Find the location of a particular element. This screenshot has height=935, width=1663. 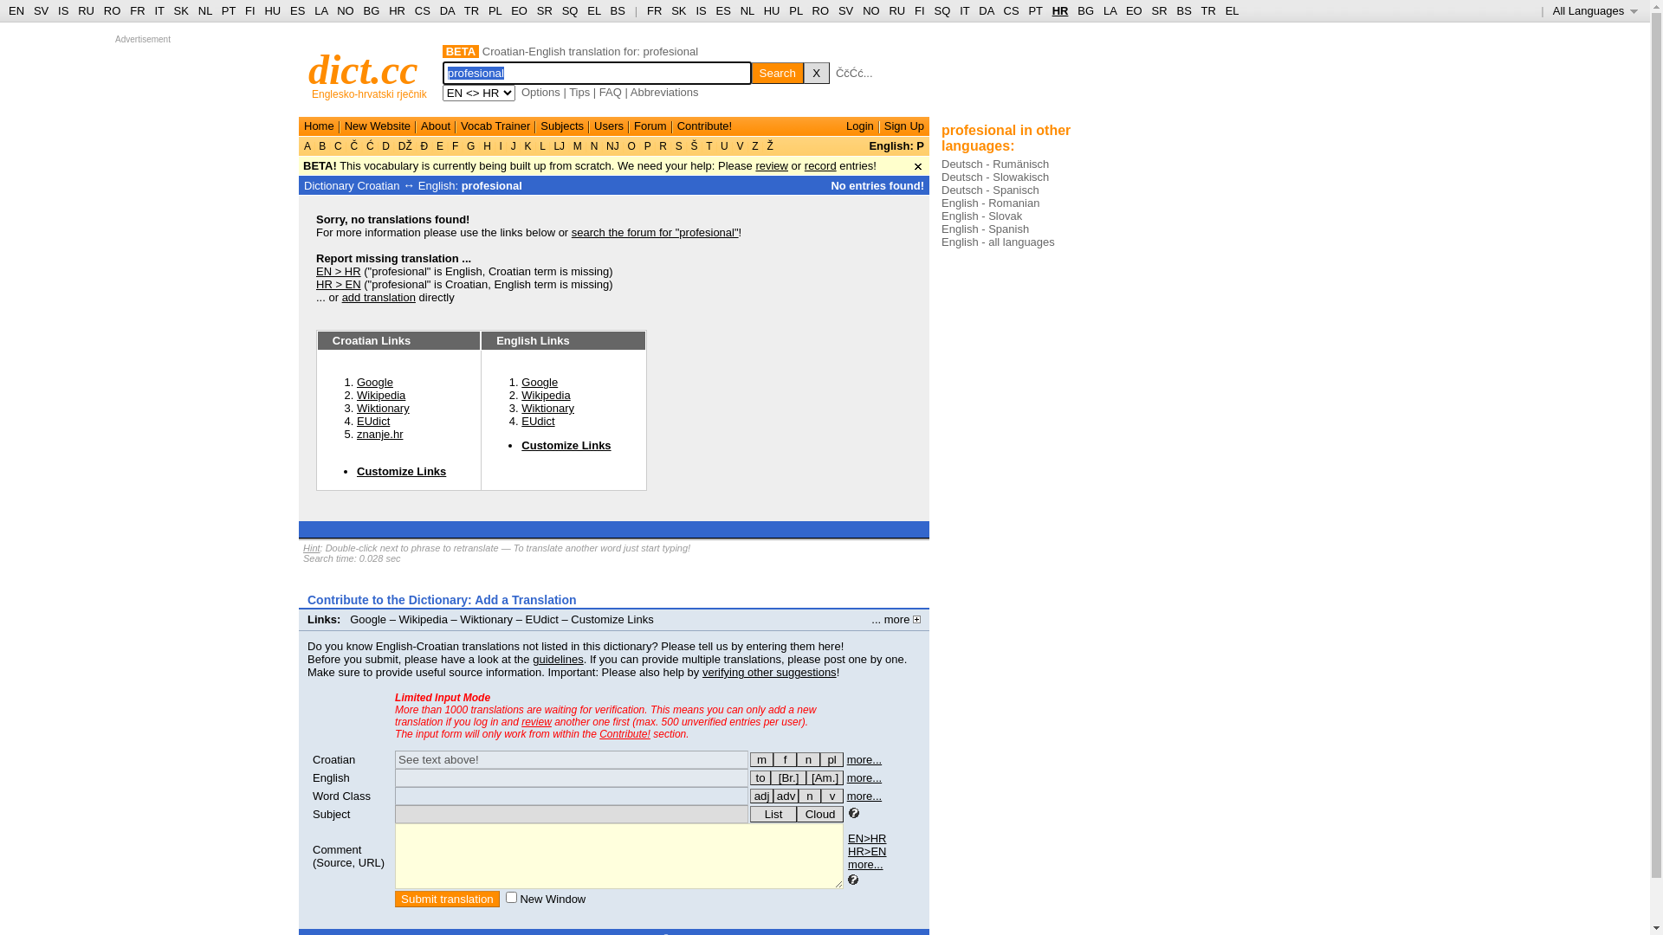

'NL' is located at coordinates (747, 10).